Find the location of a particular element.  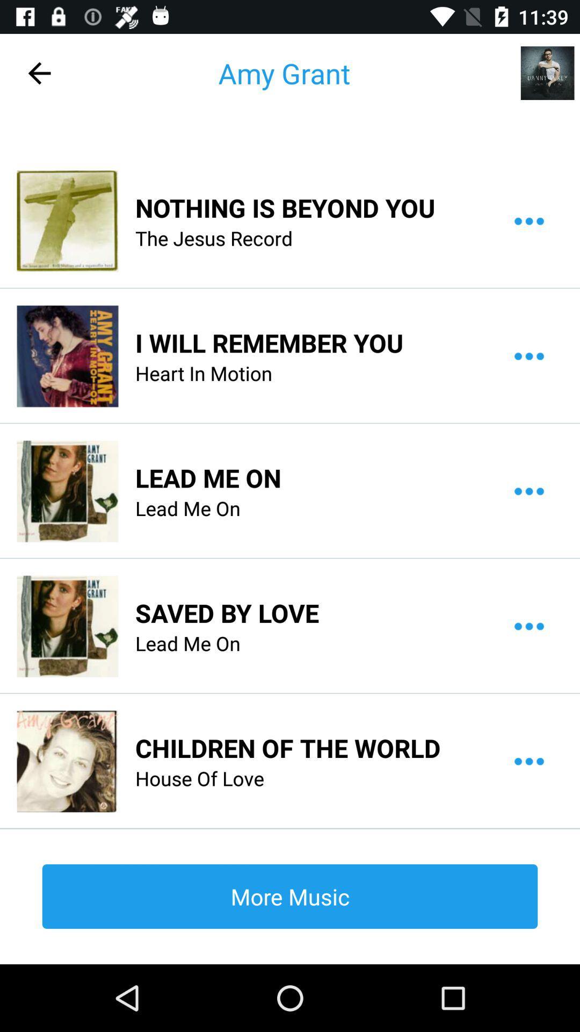

the more music item is located at coordinates (290, 896).